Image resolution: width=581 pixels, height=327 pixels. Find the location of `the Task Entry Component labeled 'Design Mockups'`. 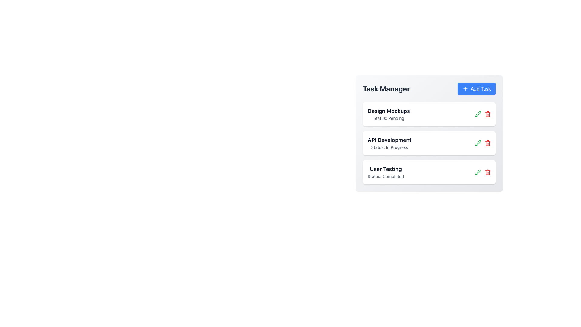

the Task Entry Component labeled 'Design Mockups' is located at coordinates (429, 114).